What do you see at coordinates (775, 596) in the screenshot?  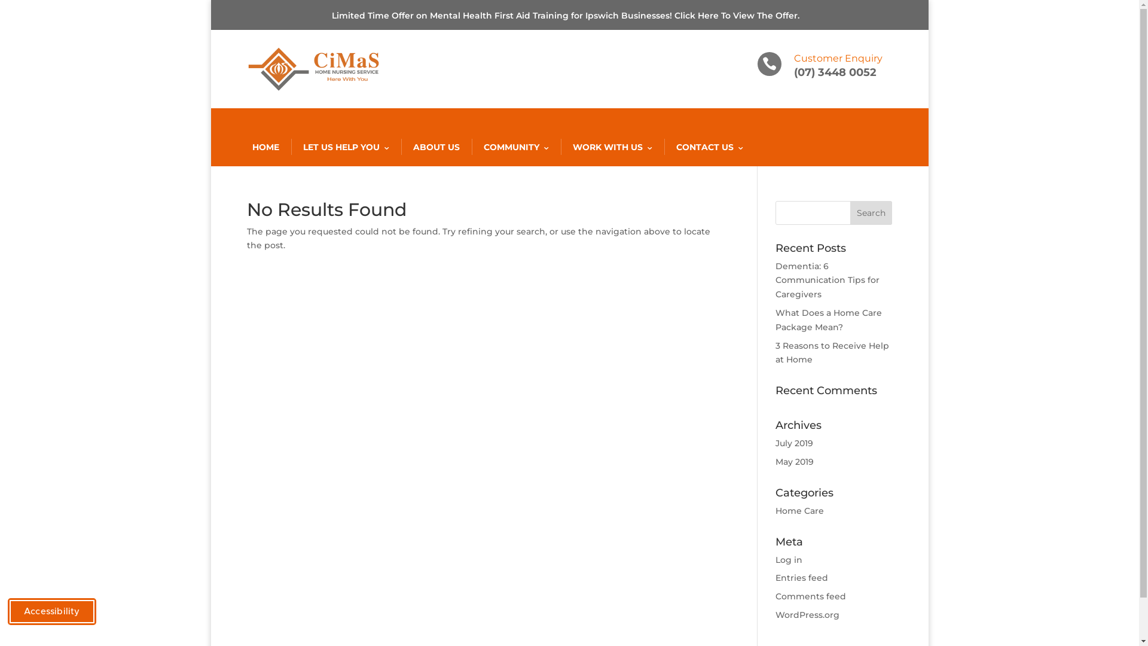 I see `'Comments feed'` at bounding box center [775, 596].